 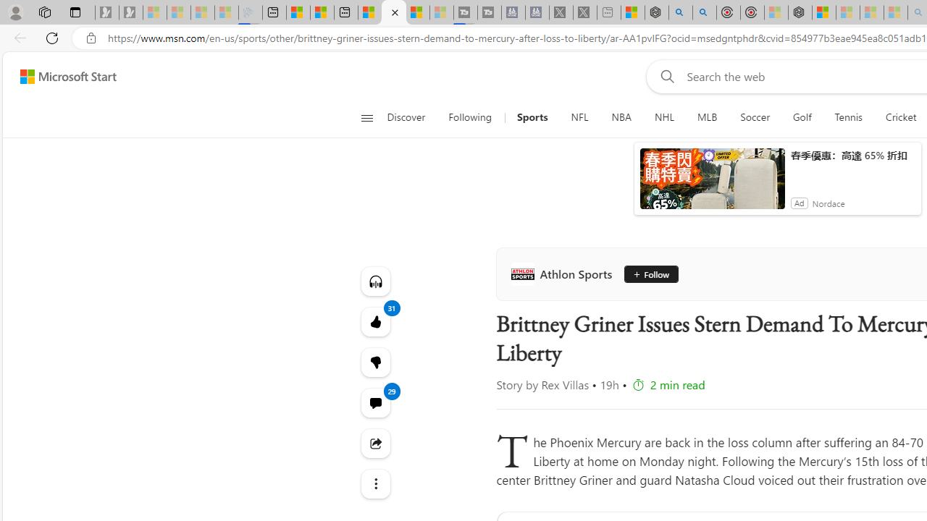 What do you see at coordinates (466, 12) in the screenshot?
I see `'Streaming Coverage | T3 - Sleeping'` at bounding box center [466, 12].